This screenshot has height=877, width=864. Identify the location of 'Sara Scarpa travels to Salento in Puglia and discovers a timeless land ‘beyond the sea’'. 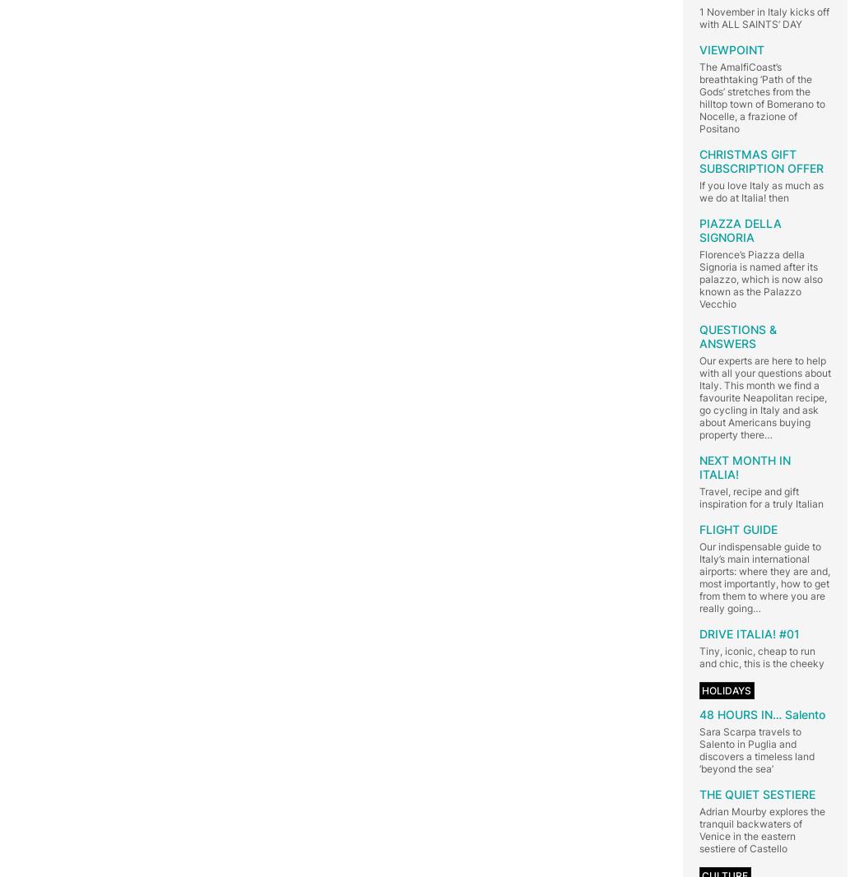
(757, 749).